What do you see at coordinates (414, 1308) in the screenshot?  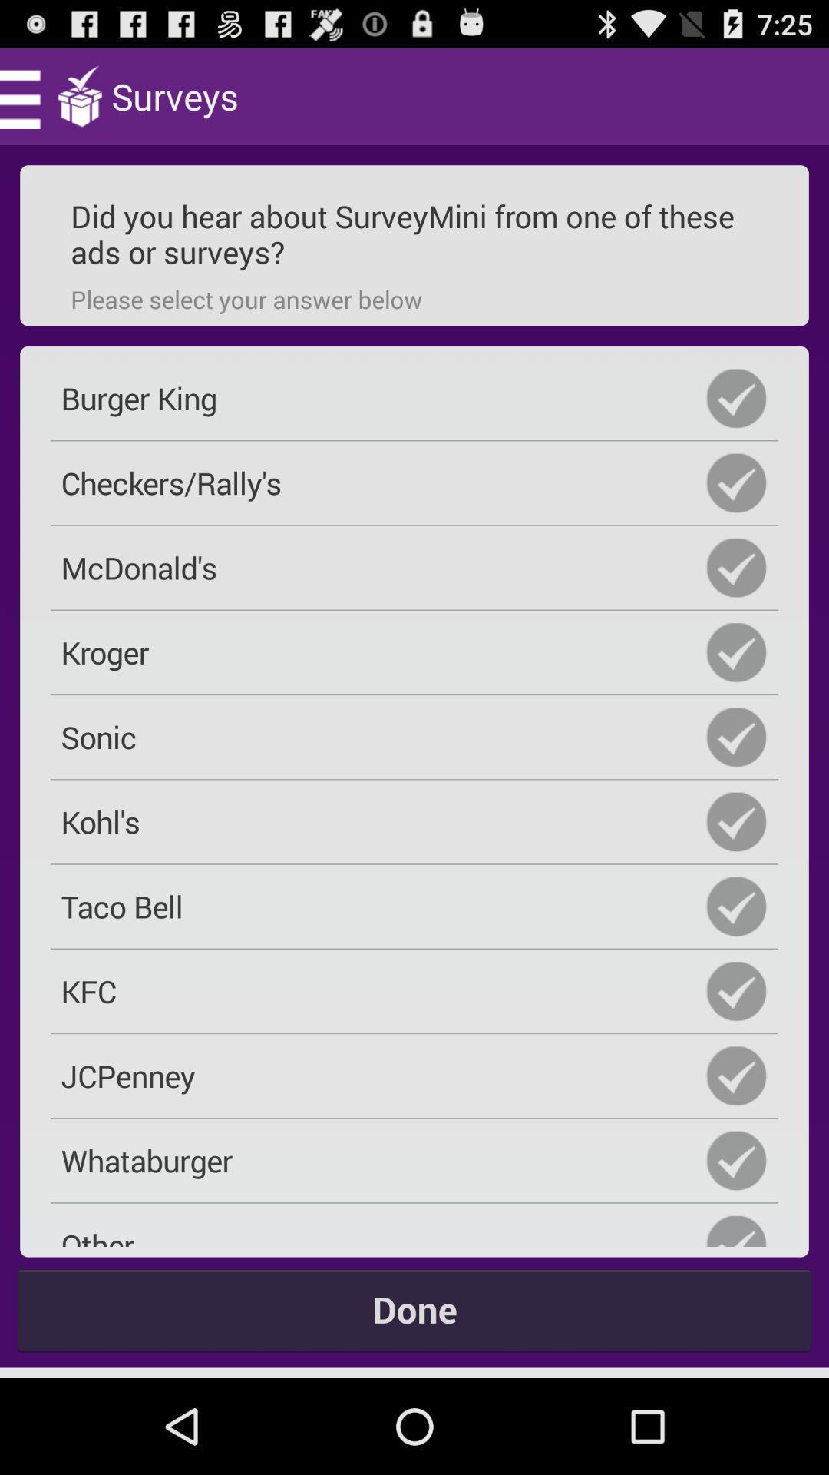 I see `done icon` at bounding box center [414, 1308].